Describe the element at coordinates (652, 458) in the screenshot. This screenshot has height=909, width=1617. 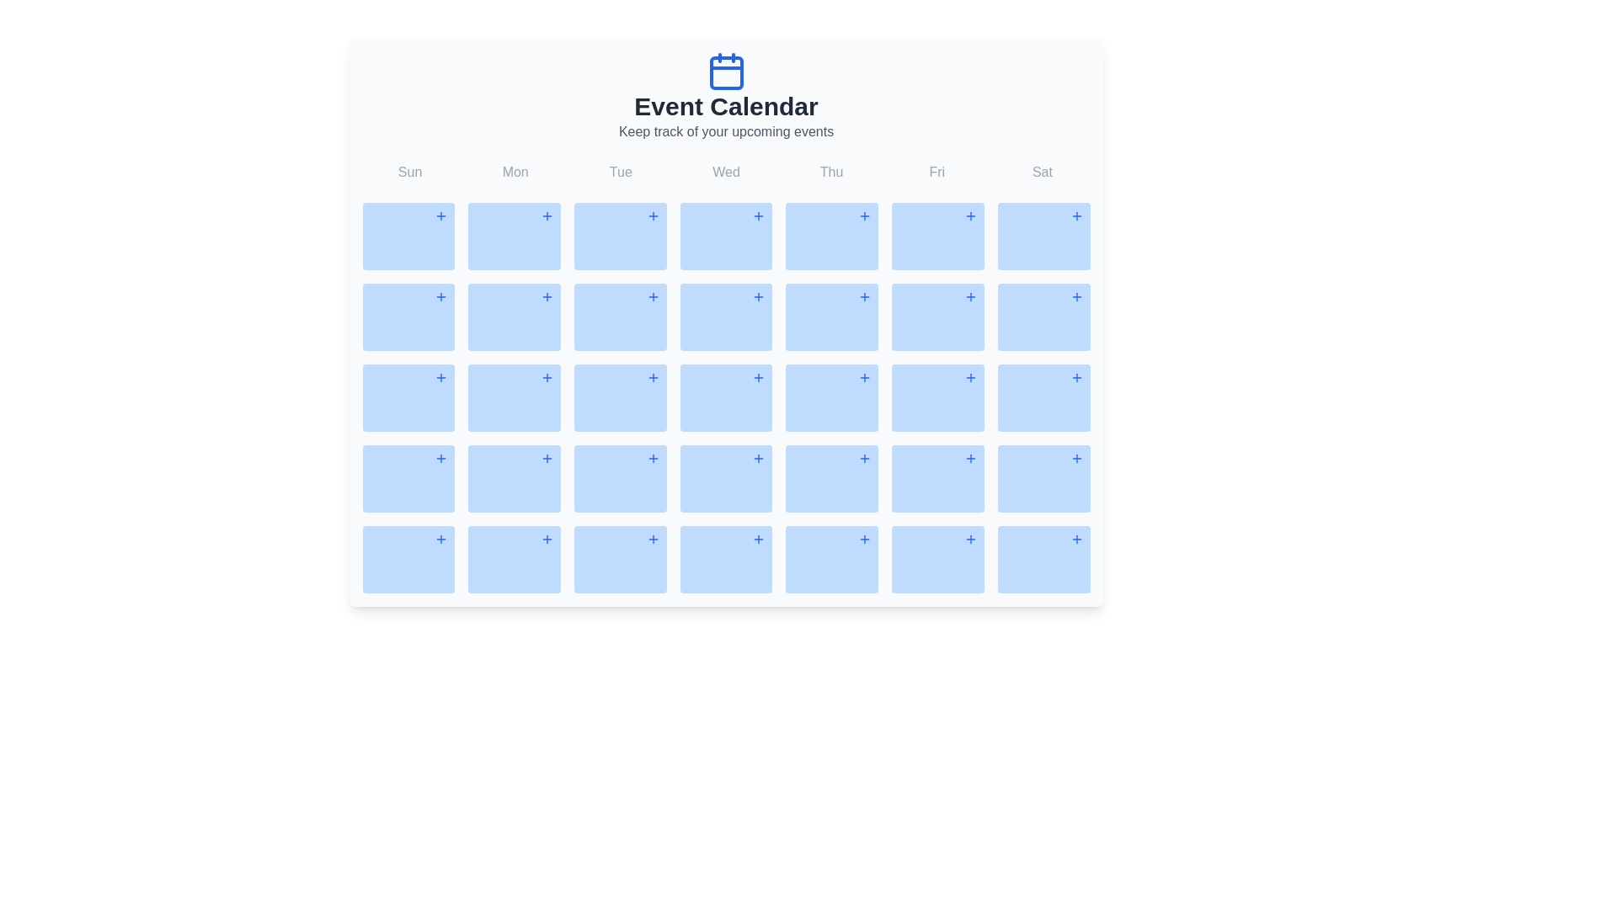
I see `the interactive button located in the top-right corner of the tile in the third row and third column` at that location.